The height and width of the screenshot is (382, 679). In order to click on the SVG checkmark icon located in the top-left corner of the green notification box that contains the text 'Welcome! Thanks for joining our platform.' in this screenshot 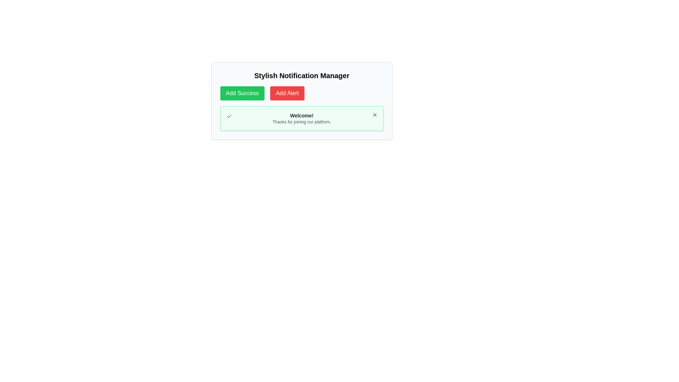, I will do `click(229, 116)`.